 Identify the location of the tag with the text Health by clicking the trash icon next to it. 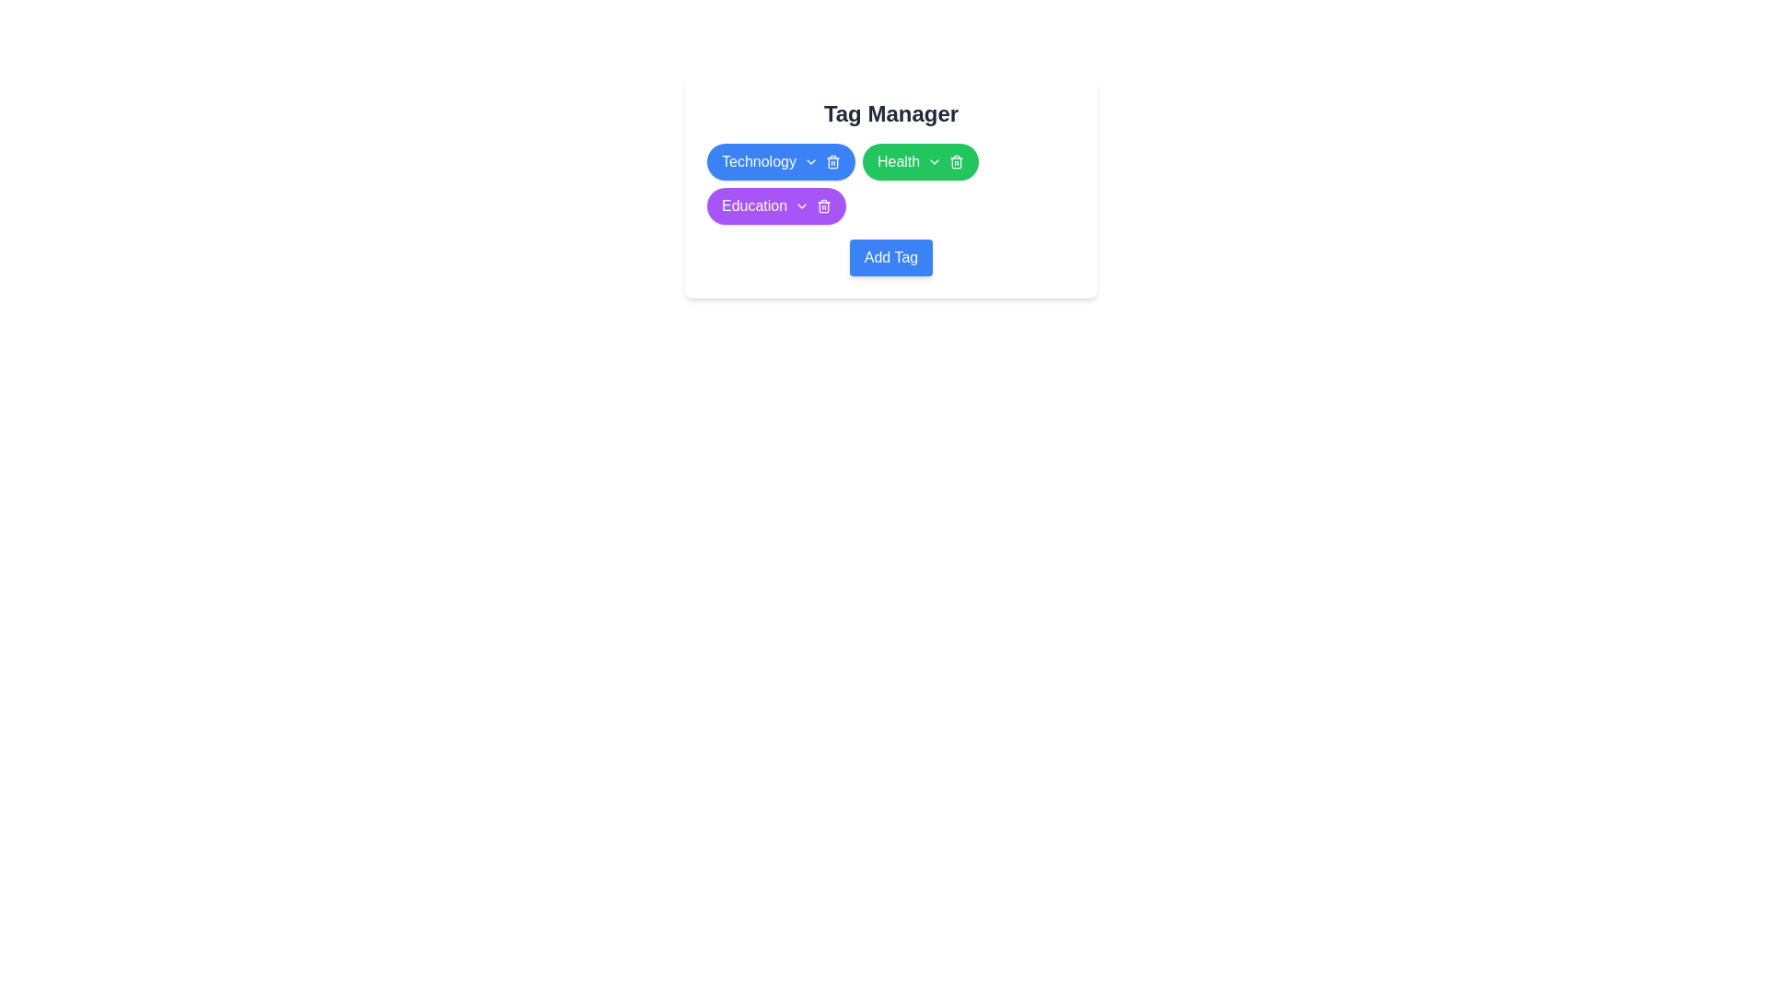
(957, 161).